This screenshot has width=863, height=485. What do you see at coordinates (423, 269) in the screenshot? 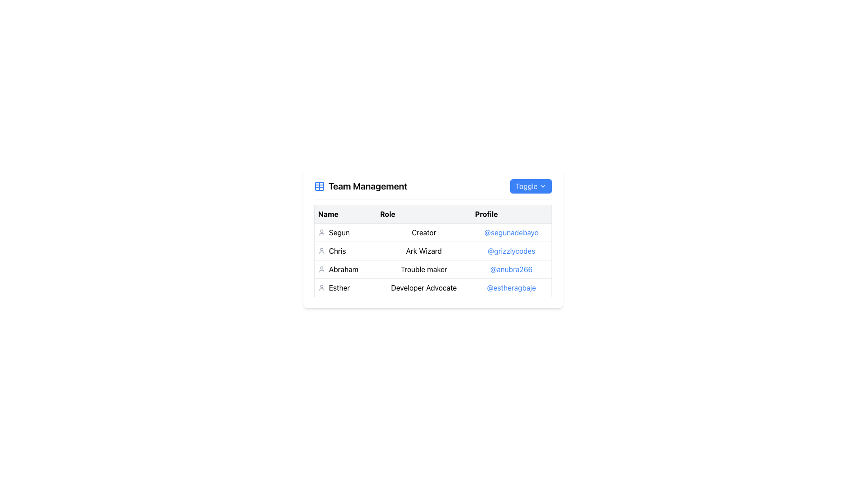
I see `the text label 'Trouble maker' in the Role column corresponding to user 'Abraham' in the third row of the table` at bounding box center [423, 269].